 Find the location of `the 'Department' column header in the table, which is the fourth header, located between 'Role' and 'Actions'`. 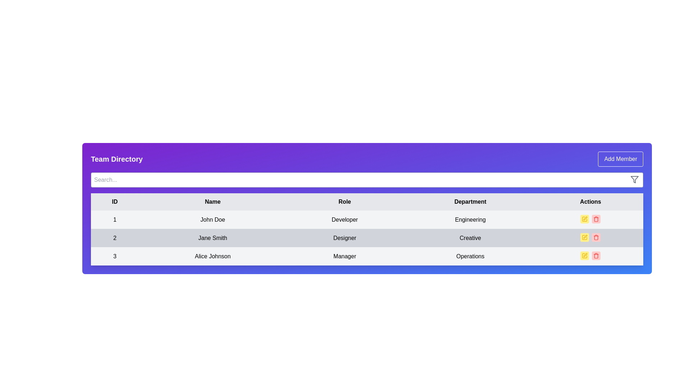

the 'Department' column header in the table, which is the fourth header, located between 'Role' and 'Actions' is located at coordinates (470, 202).